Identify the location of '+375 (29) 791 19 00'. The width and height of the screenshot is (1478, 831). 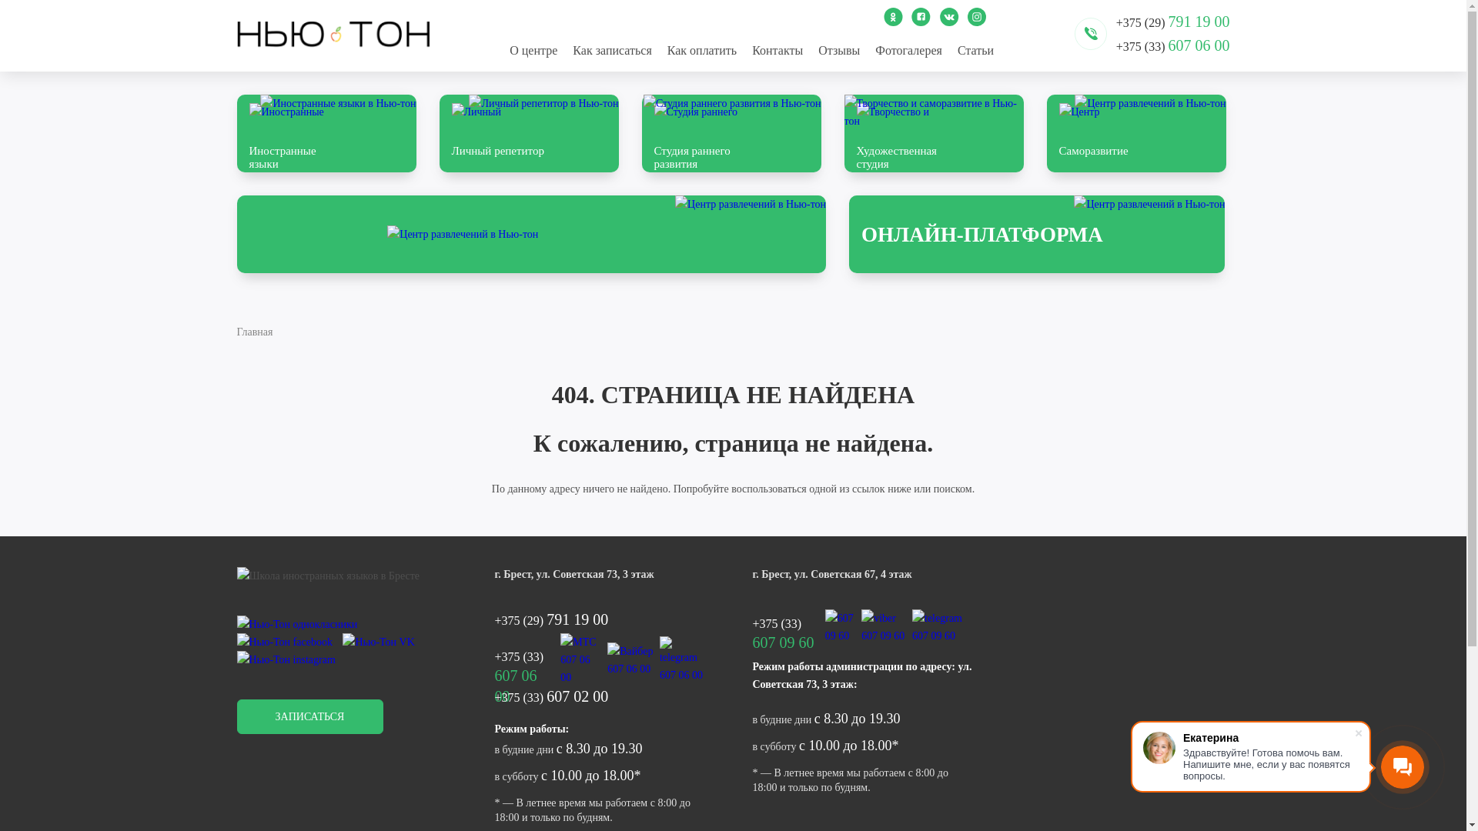
(603, 619).